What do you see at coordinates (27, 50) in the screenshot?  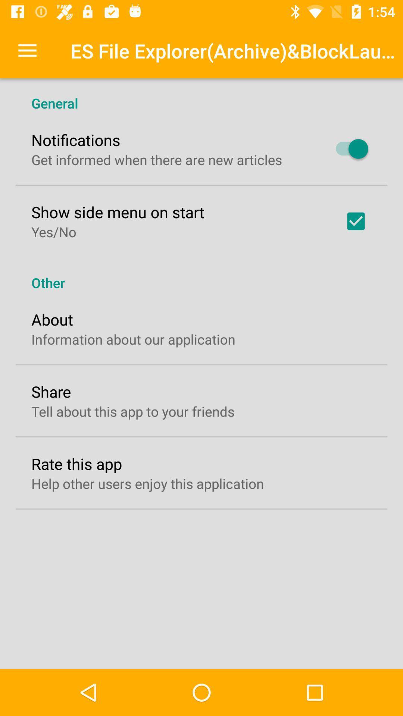 I see `the app to the left of the es file explorer` at bounding box center [27, 50].